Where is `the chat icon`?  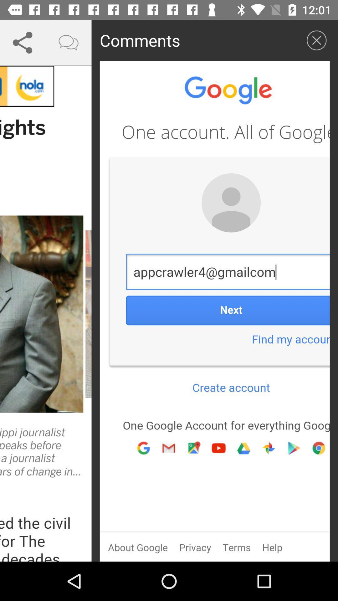
the chat icon is located at coordinates (69, 42).